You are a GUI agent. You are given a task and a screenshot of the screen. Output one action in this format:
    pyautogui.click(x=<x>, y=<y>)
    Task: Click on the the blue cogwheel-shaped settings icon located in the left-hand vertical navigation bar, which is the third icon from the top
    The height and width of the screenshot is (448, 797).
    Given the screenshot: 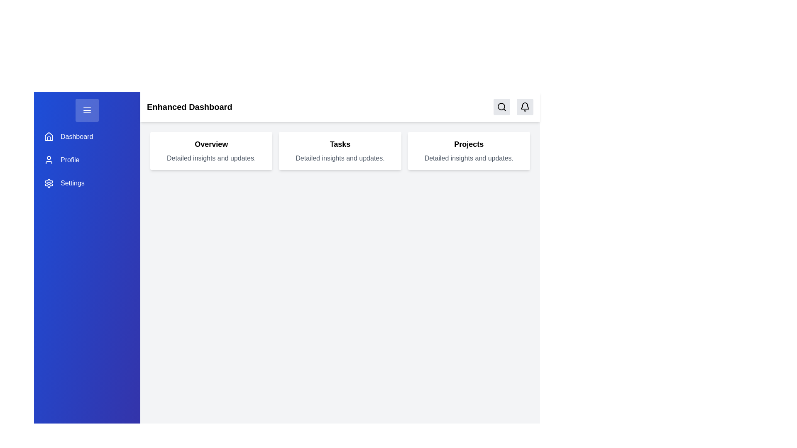 What is the action you would take?
    pyautogui.click(x=49, y=183)
    